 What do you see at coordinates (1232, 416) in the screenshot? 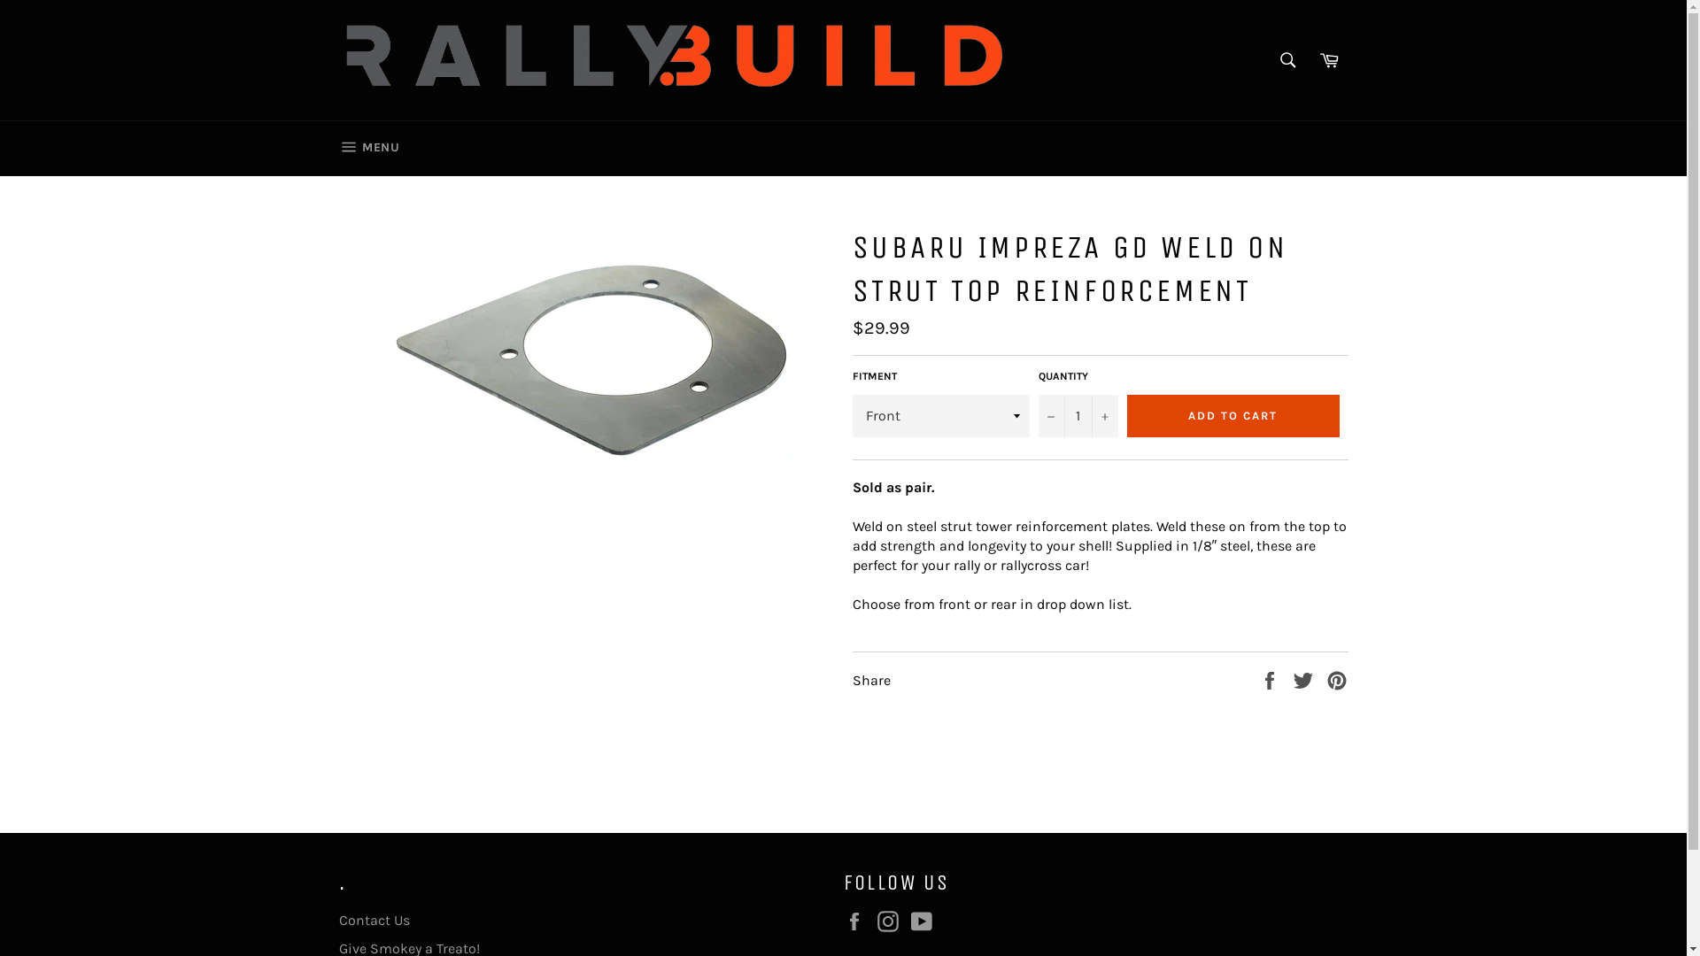
I see `'ADD TO CART'` at bounding box center [1232, 416].